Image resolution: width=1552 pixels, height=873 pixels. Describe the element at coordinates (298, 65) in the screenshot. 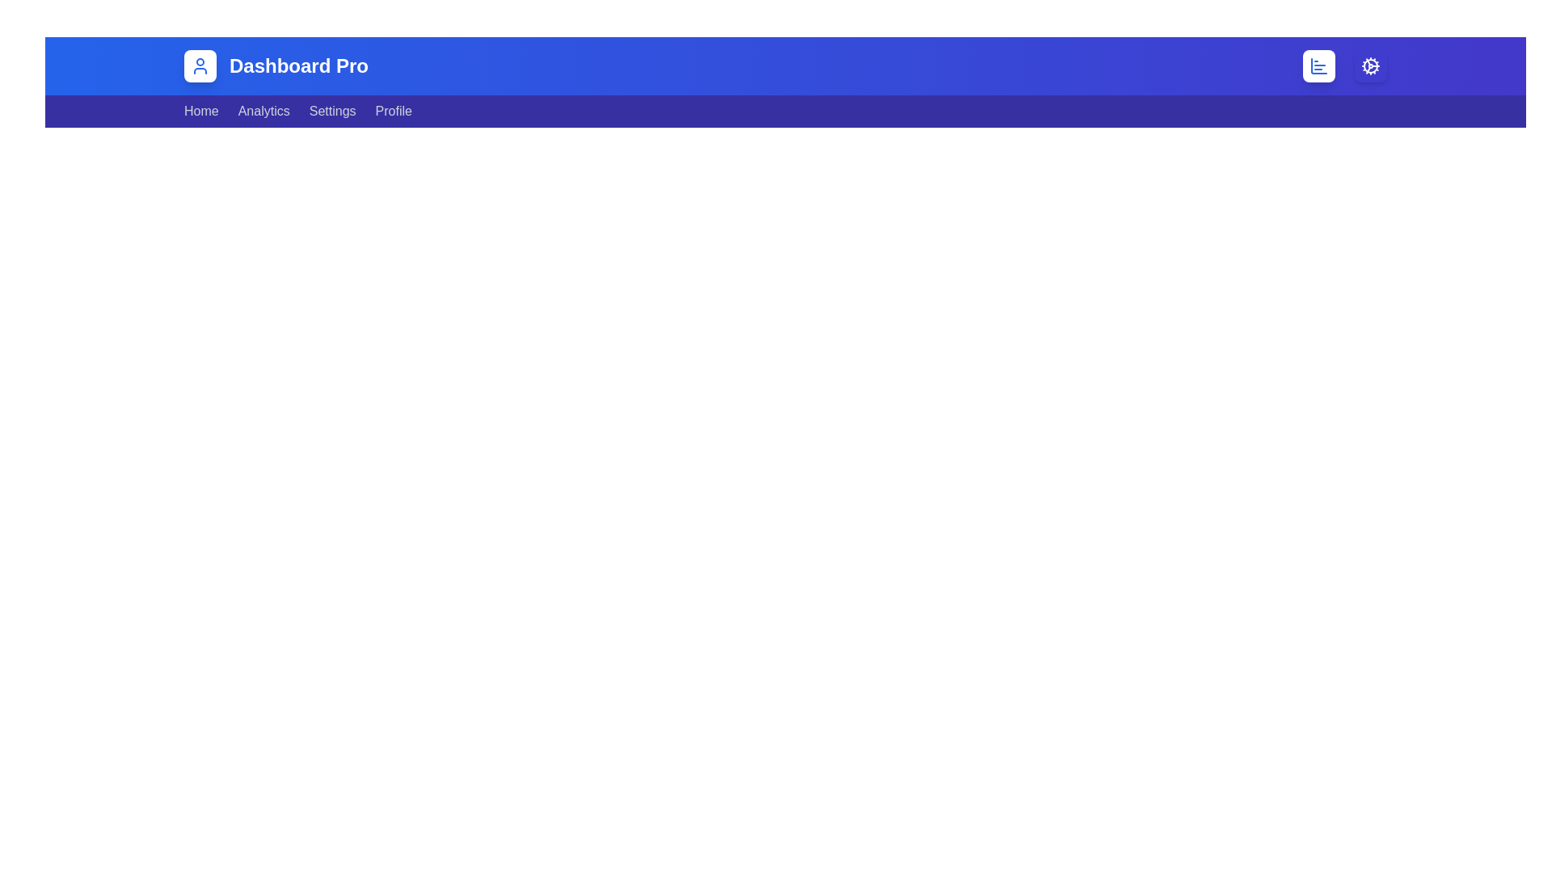

I see `the 'Dashboard Pro' title to interact with it` at that location.